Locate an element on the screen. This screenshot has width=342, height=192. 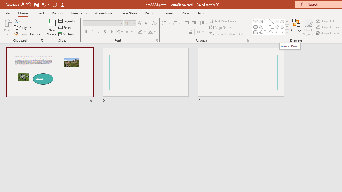
'Oval' is located at coordinates (282, 21).